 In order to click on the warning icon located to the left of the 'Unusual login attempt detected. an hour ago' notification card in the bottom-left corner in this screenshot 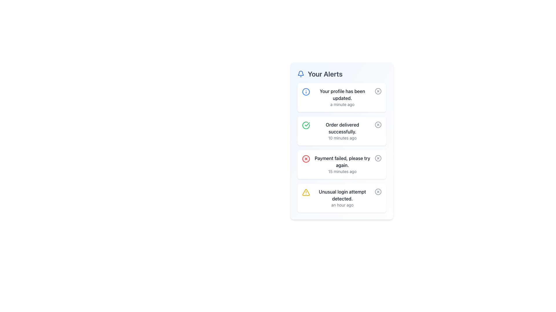, I will do `click(306, 192)`.